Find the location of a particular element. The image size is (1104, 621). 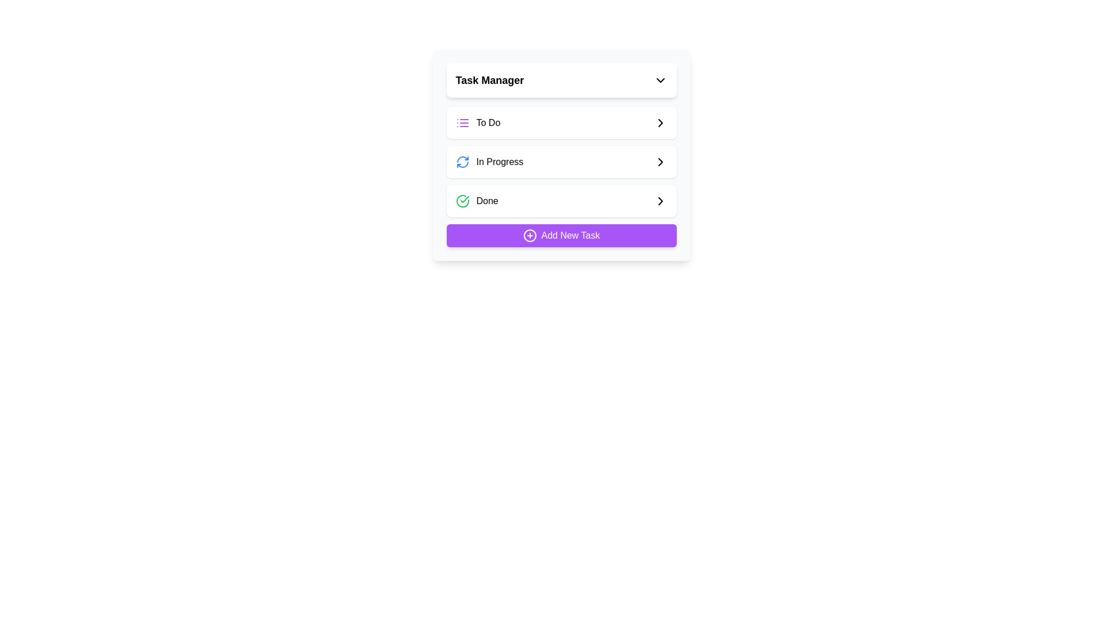

the chevron right icon located next to the 'Done' section label in the third row of the task status list is located at coordinates (660, 122).